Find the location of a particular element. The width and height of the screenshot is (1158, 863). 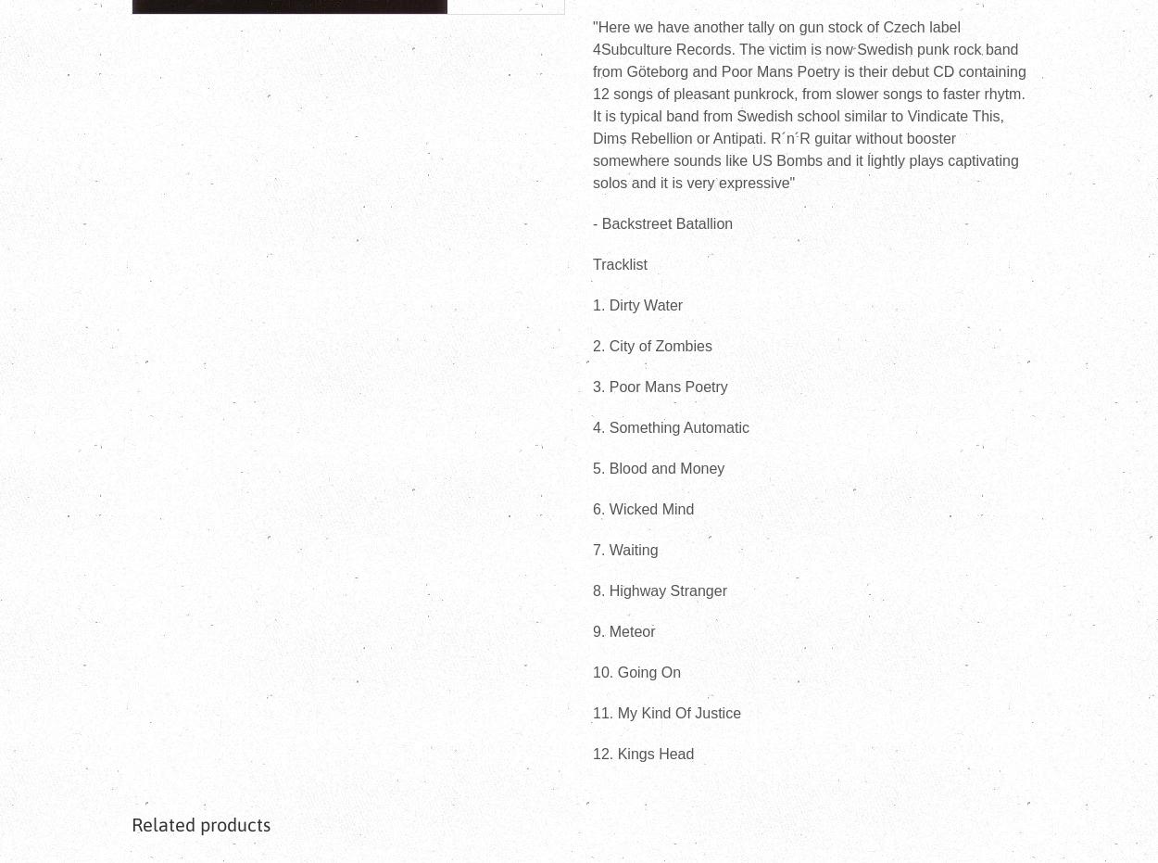

'12. Kings Head' is located at coordinates (642, 753).